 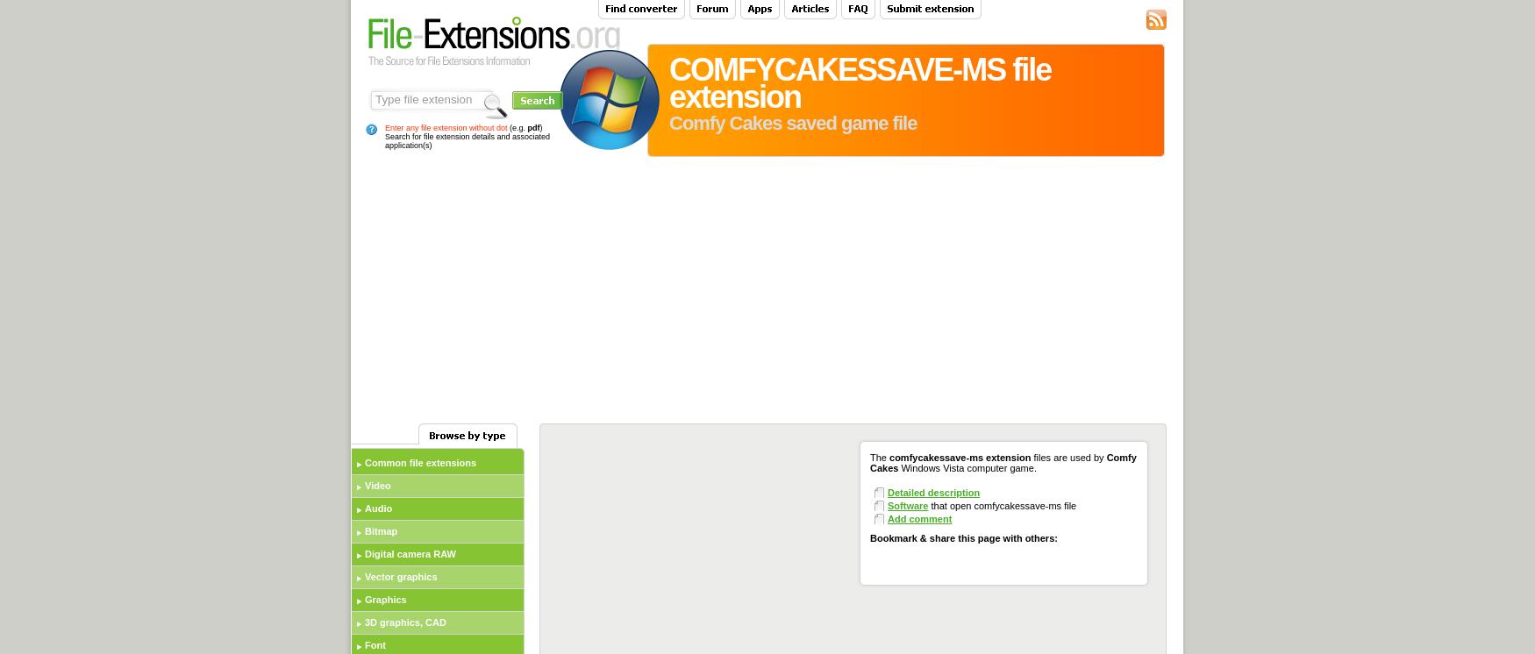 What do you see at coordinates (532, 126) in the screenshot?
I see `'pdf'` at bounding box center [532, 126].